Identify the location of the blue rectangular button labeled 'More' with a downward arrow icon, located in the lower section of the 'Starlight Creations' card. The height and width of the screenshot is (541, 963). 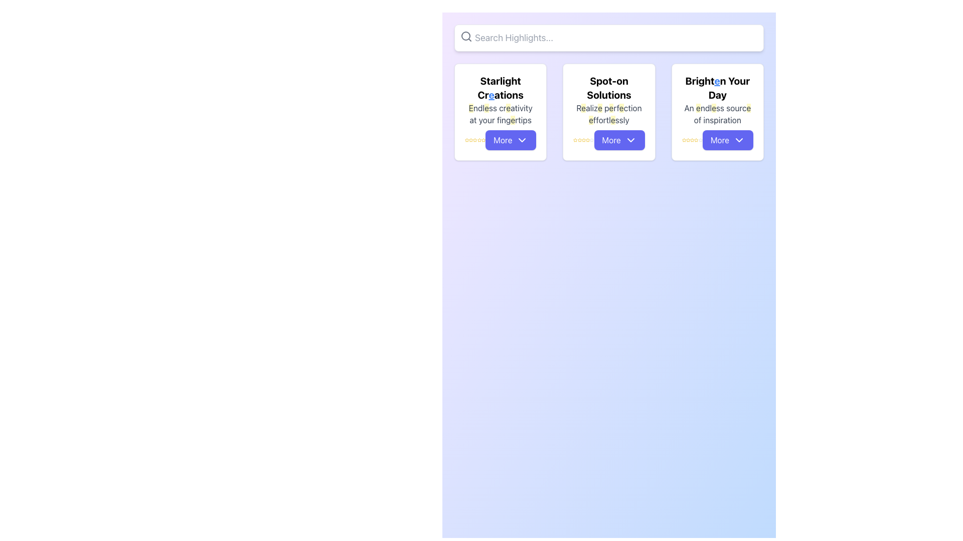
(501, 140).